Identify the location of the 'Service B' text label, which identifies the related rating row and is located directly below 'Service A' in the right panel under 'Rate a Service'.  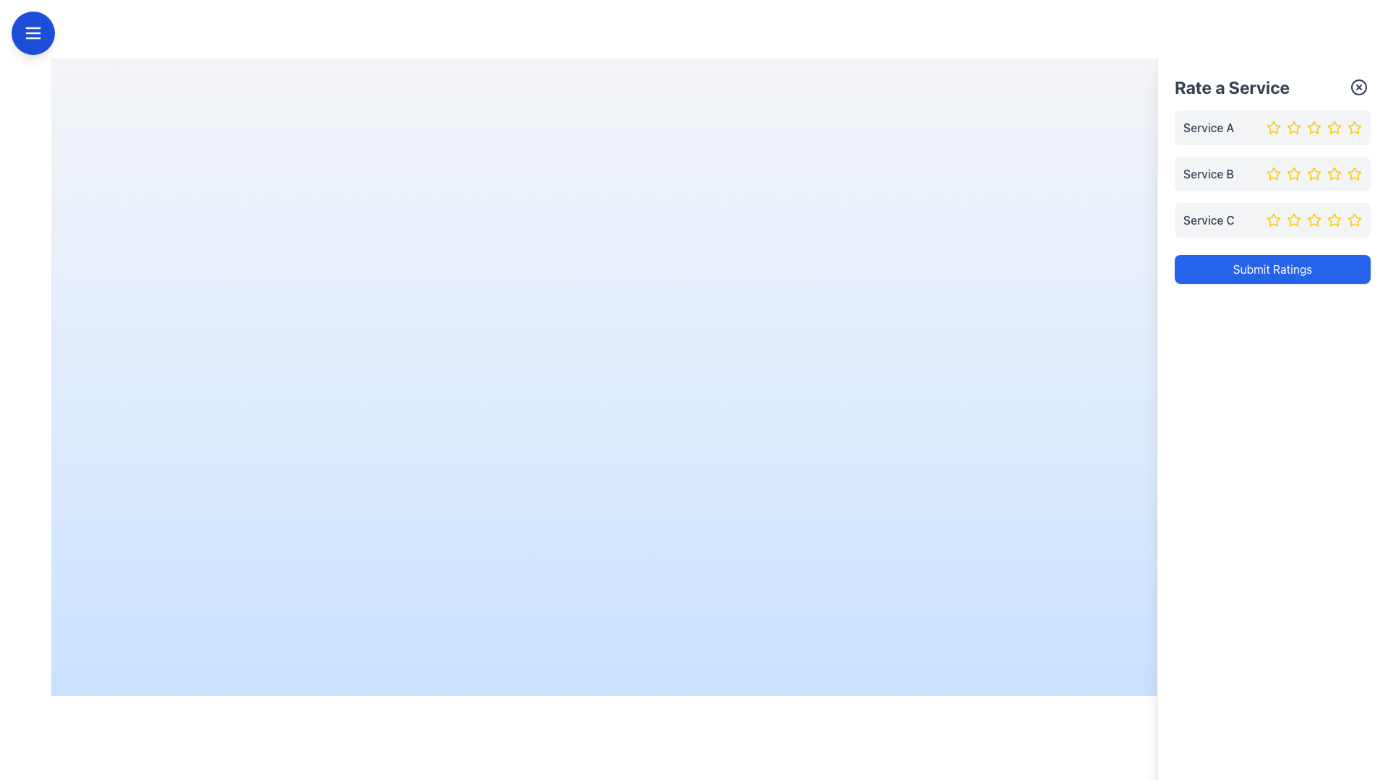
(1208, 173).